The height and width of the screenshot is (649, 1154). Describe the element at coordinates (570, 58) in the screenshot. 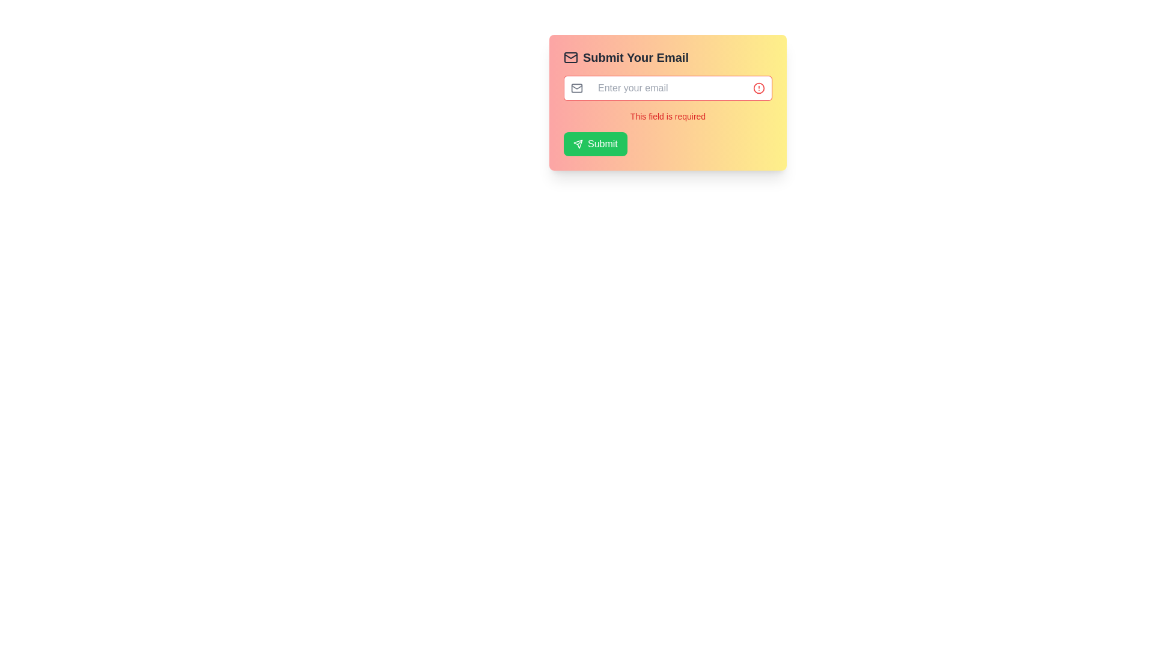

I see `the pinkish rectangular part of the mail icon, which represents the inner section of the envelope's body, located in the top-left corner of the 'Submit Your Email' form` at that location.